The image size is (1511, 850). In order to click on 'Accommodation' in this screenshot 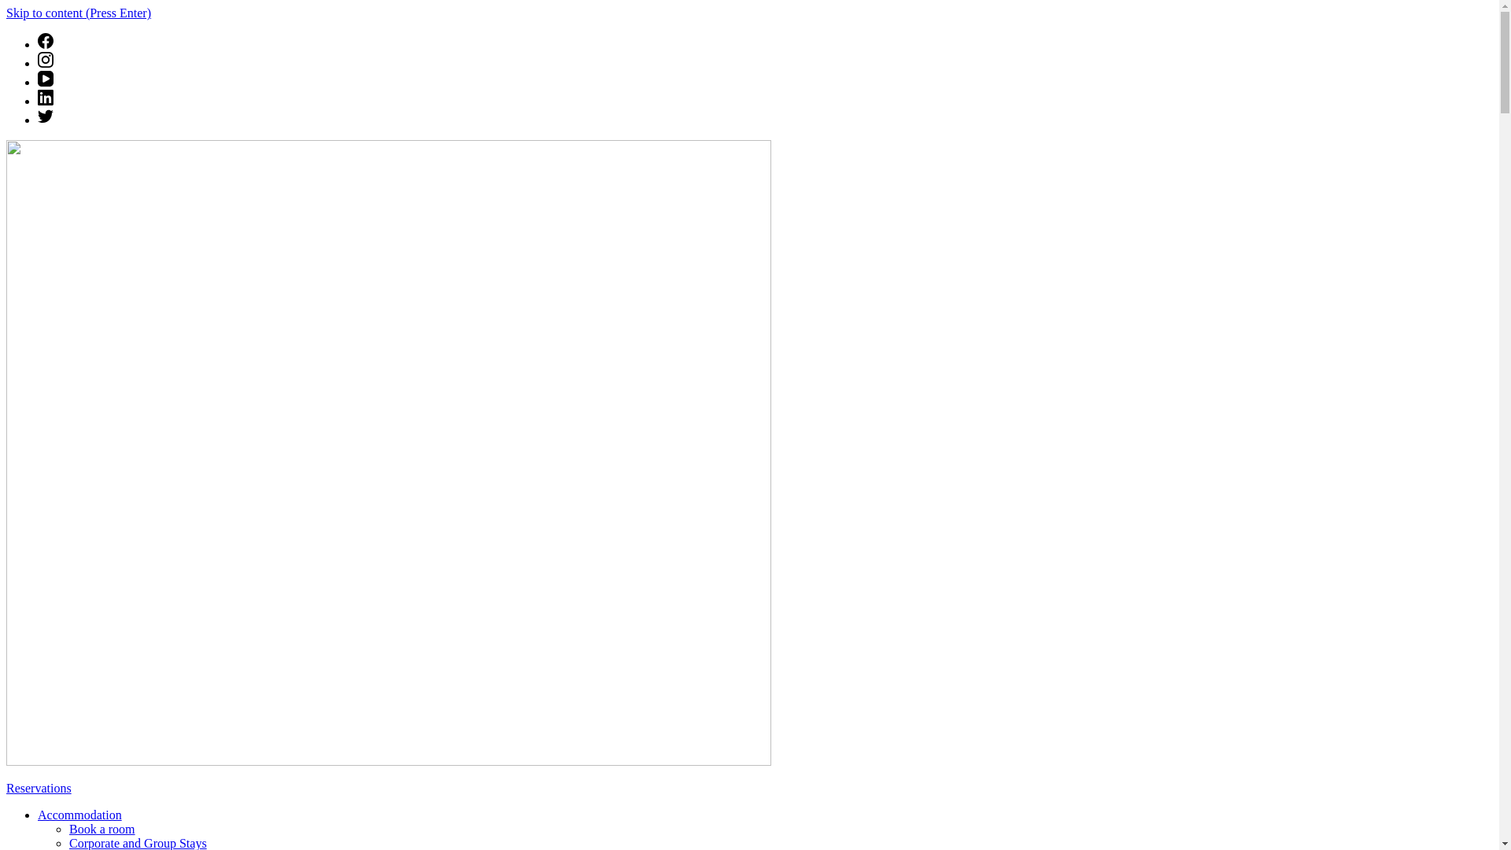, I will do `click(79, 815)`.